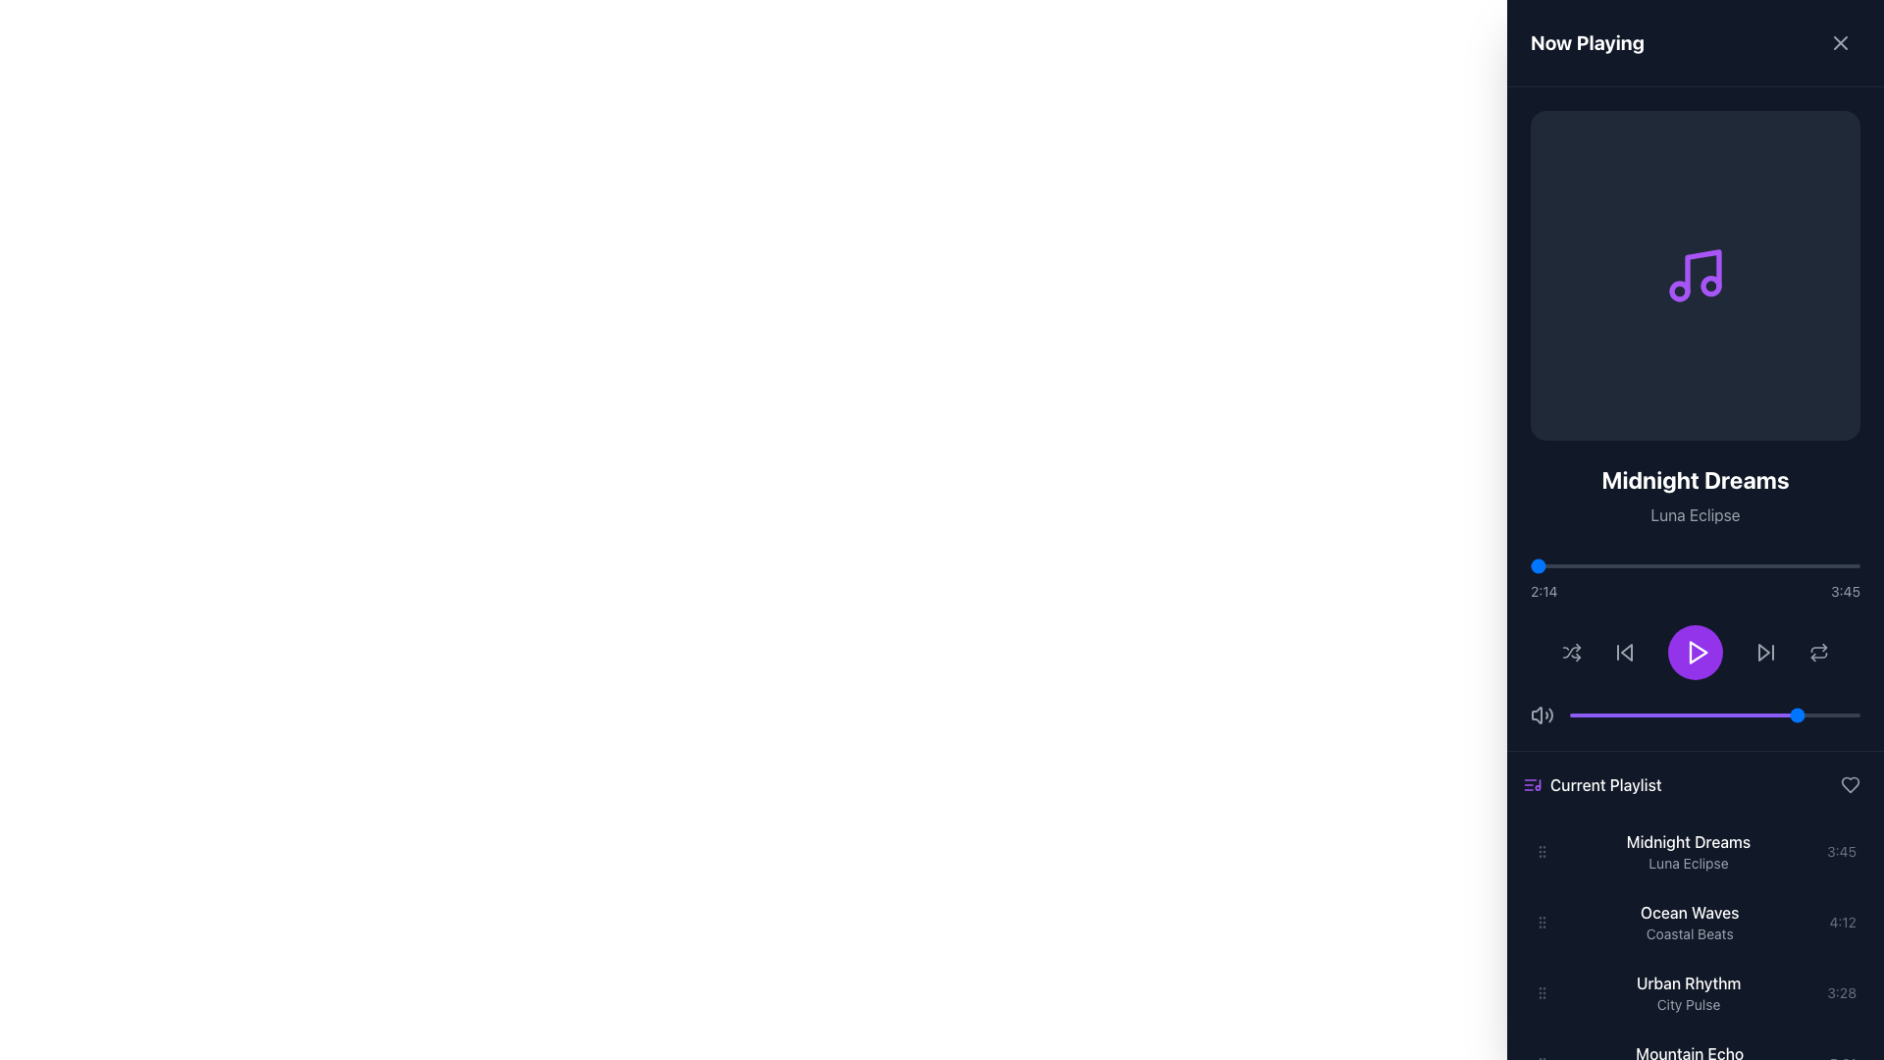  I want to click on the Drag Handle, which consists of six small circular dots arranged vertically, located on the left side of the playlist entry for 'Ocean Waves' by 'Coastal Beats', so click(1541, 923).